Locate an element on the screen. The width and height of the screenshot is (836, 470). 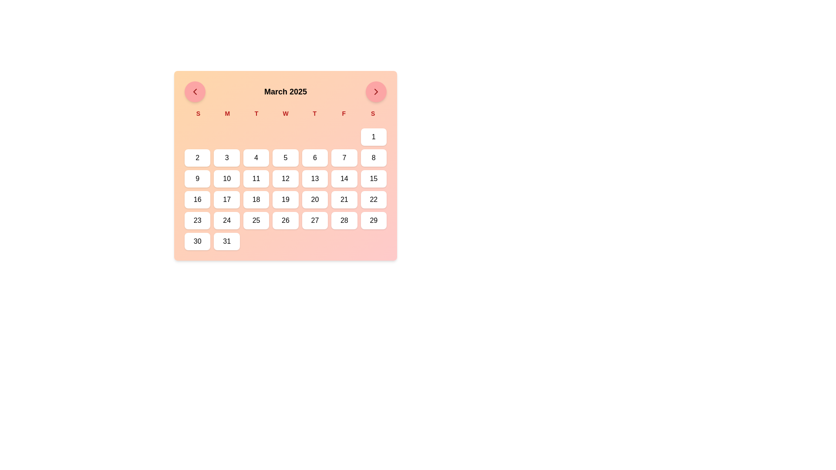
the button representing the date '3' in the calendar for March 2025 is located at coordinates (227, 158).